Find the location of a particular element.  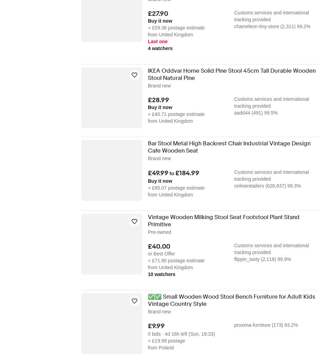

'to' is located at coordinates (172, 173).